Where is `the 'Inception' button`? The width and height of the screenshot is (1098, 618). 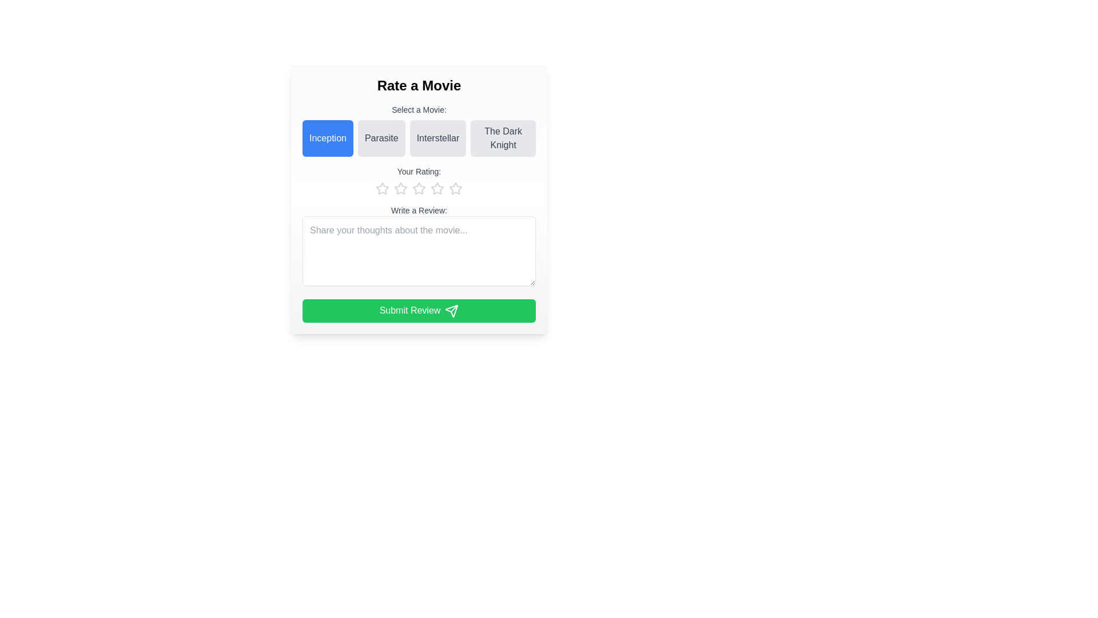 the 'Inception' button is located at coordinates (327, 138).